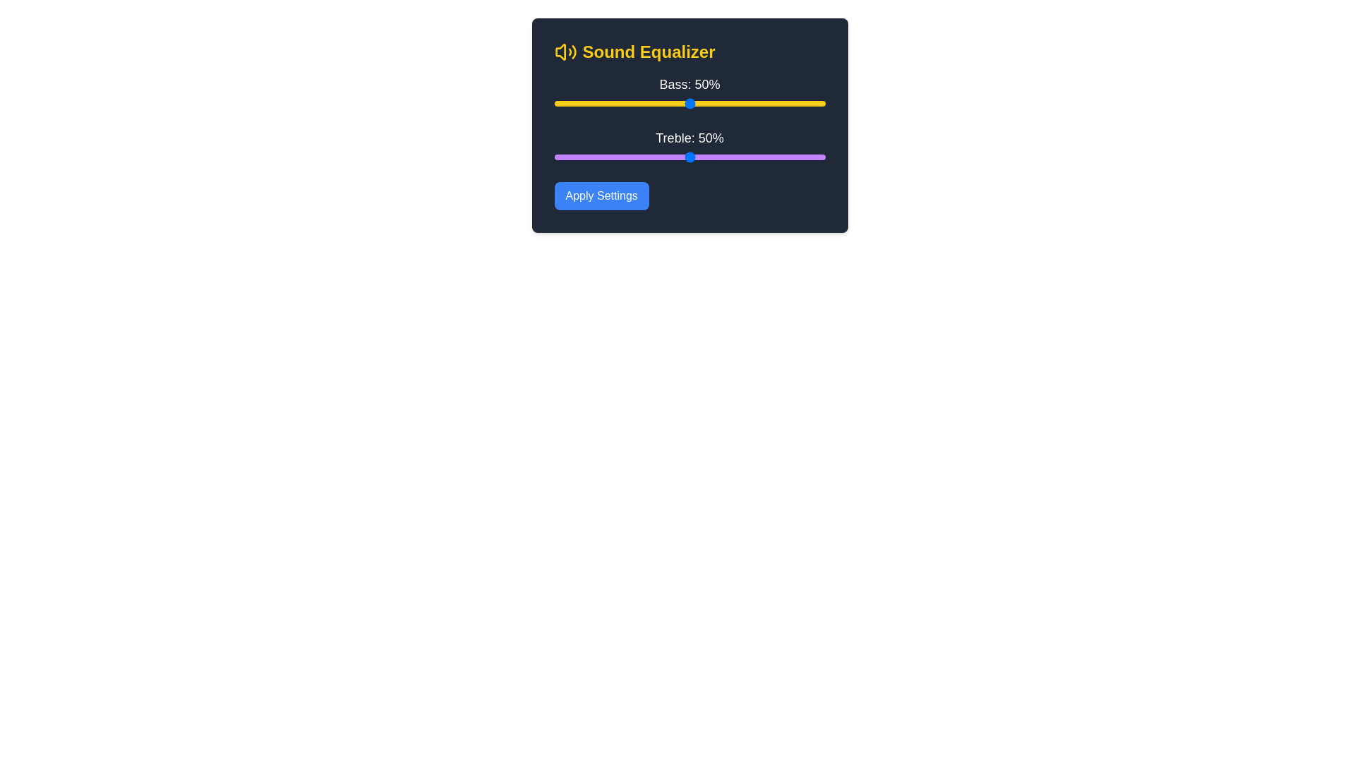 This screenshot has width=1355, height=762. Describe the element at coordinates (793, 102) in the screenshot. I see `the bass level to 88% using the slider` at that location.